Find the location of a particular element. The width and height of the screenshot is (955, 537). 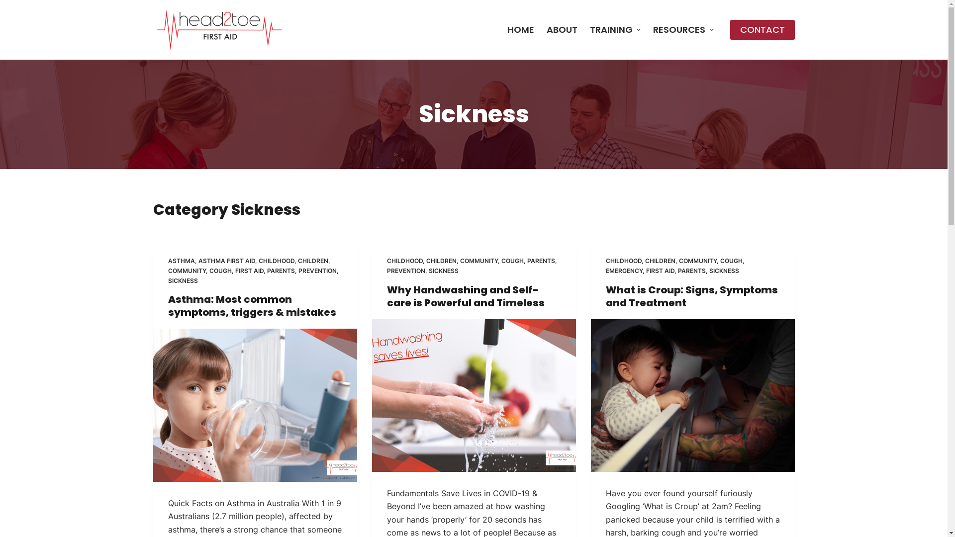

'ASTHMA' is located at coordinates (181, 260).